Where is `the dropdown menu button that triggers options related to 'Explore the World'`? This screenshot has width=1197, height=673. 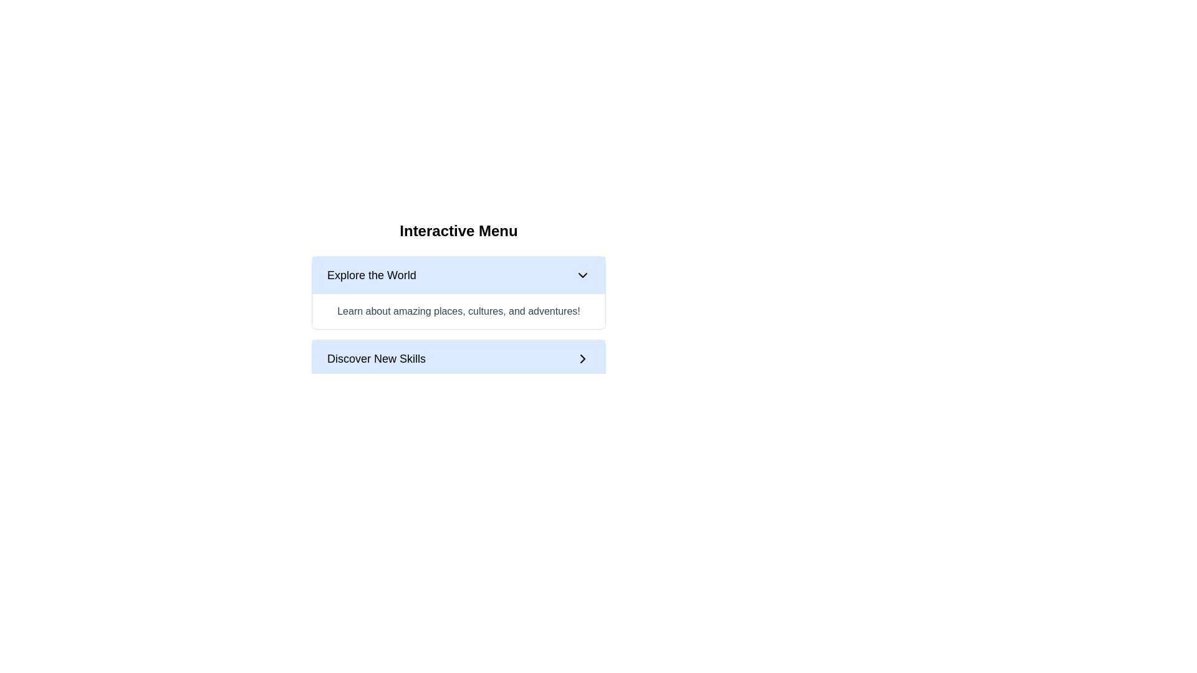 the dropdown menu button that triggers options related to 'Explore the World' is located at coordinates (458, 275).